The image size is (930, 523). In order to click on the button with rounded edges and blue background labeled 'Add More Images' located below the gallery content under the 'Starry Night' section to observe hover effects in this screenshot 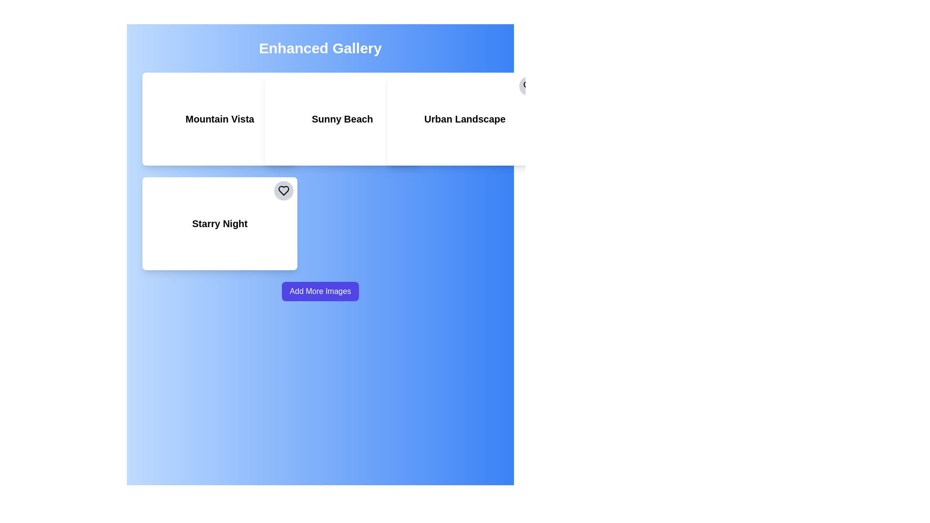, I will do `click(320, 291)`.